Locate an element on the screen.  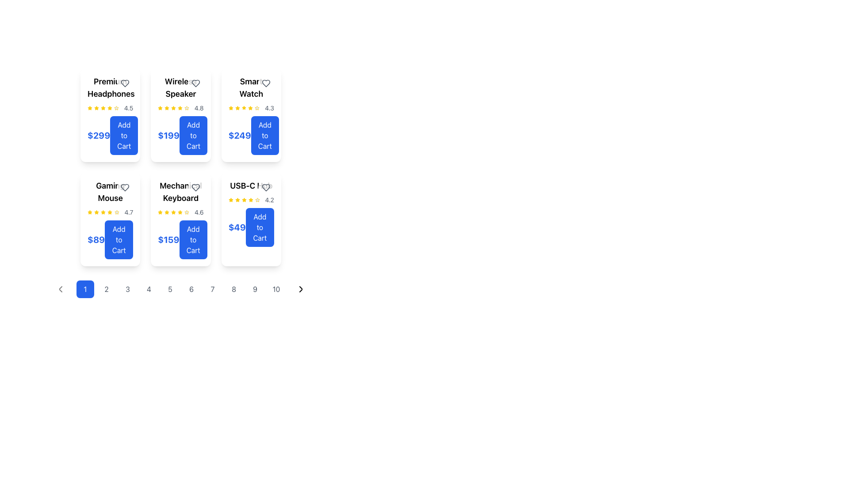
the first yellow star-shaped icon representing a rating next to the text '4.8' below the product title 'Wireless Speaker' is located at coordinates (160, 108).